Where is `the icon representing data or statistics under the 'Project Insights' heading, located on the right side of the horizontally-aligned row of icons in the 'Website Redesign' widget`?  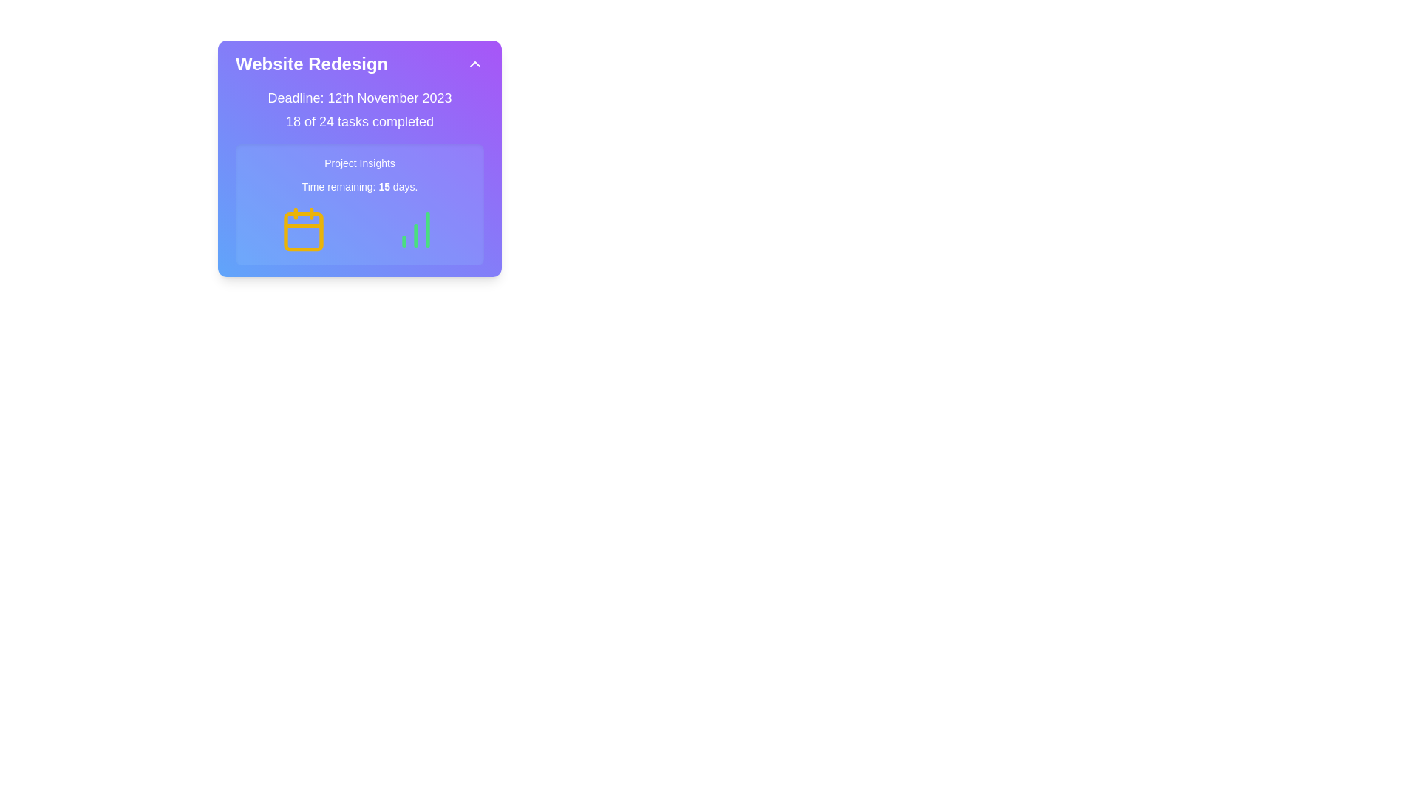 the icon representing data or statistics under the 'Project Insights' heading, located on the right side of the horizontally-aligned row of icons in the 'Website Redesign' widget is located at coordinates (415, 230).